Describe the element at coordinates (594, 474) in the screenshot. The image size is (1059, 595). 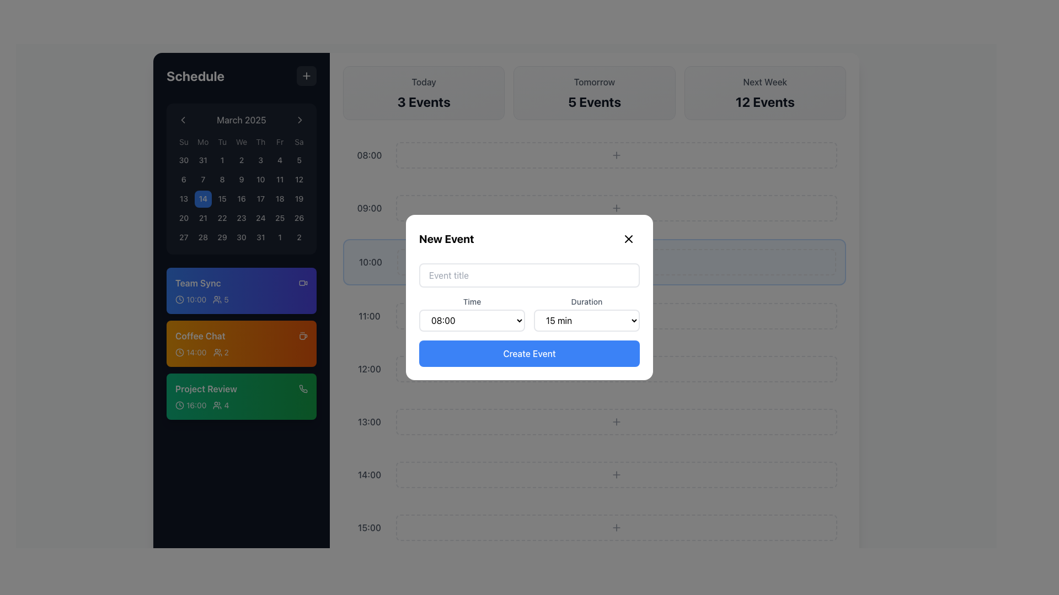
I see `content into the time slot button located at the eighth position with the time label '14:00'` at that location.